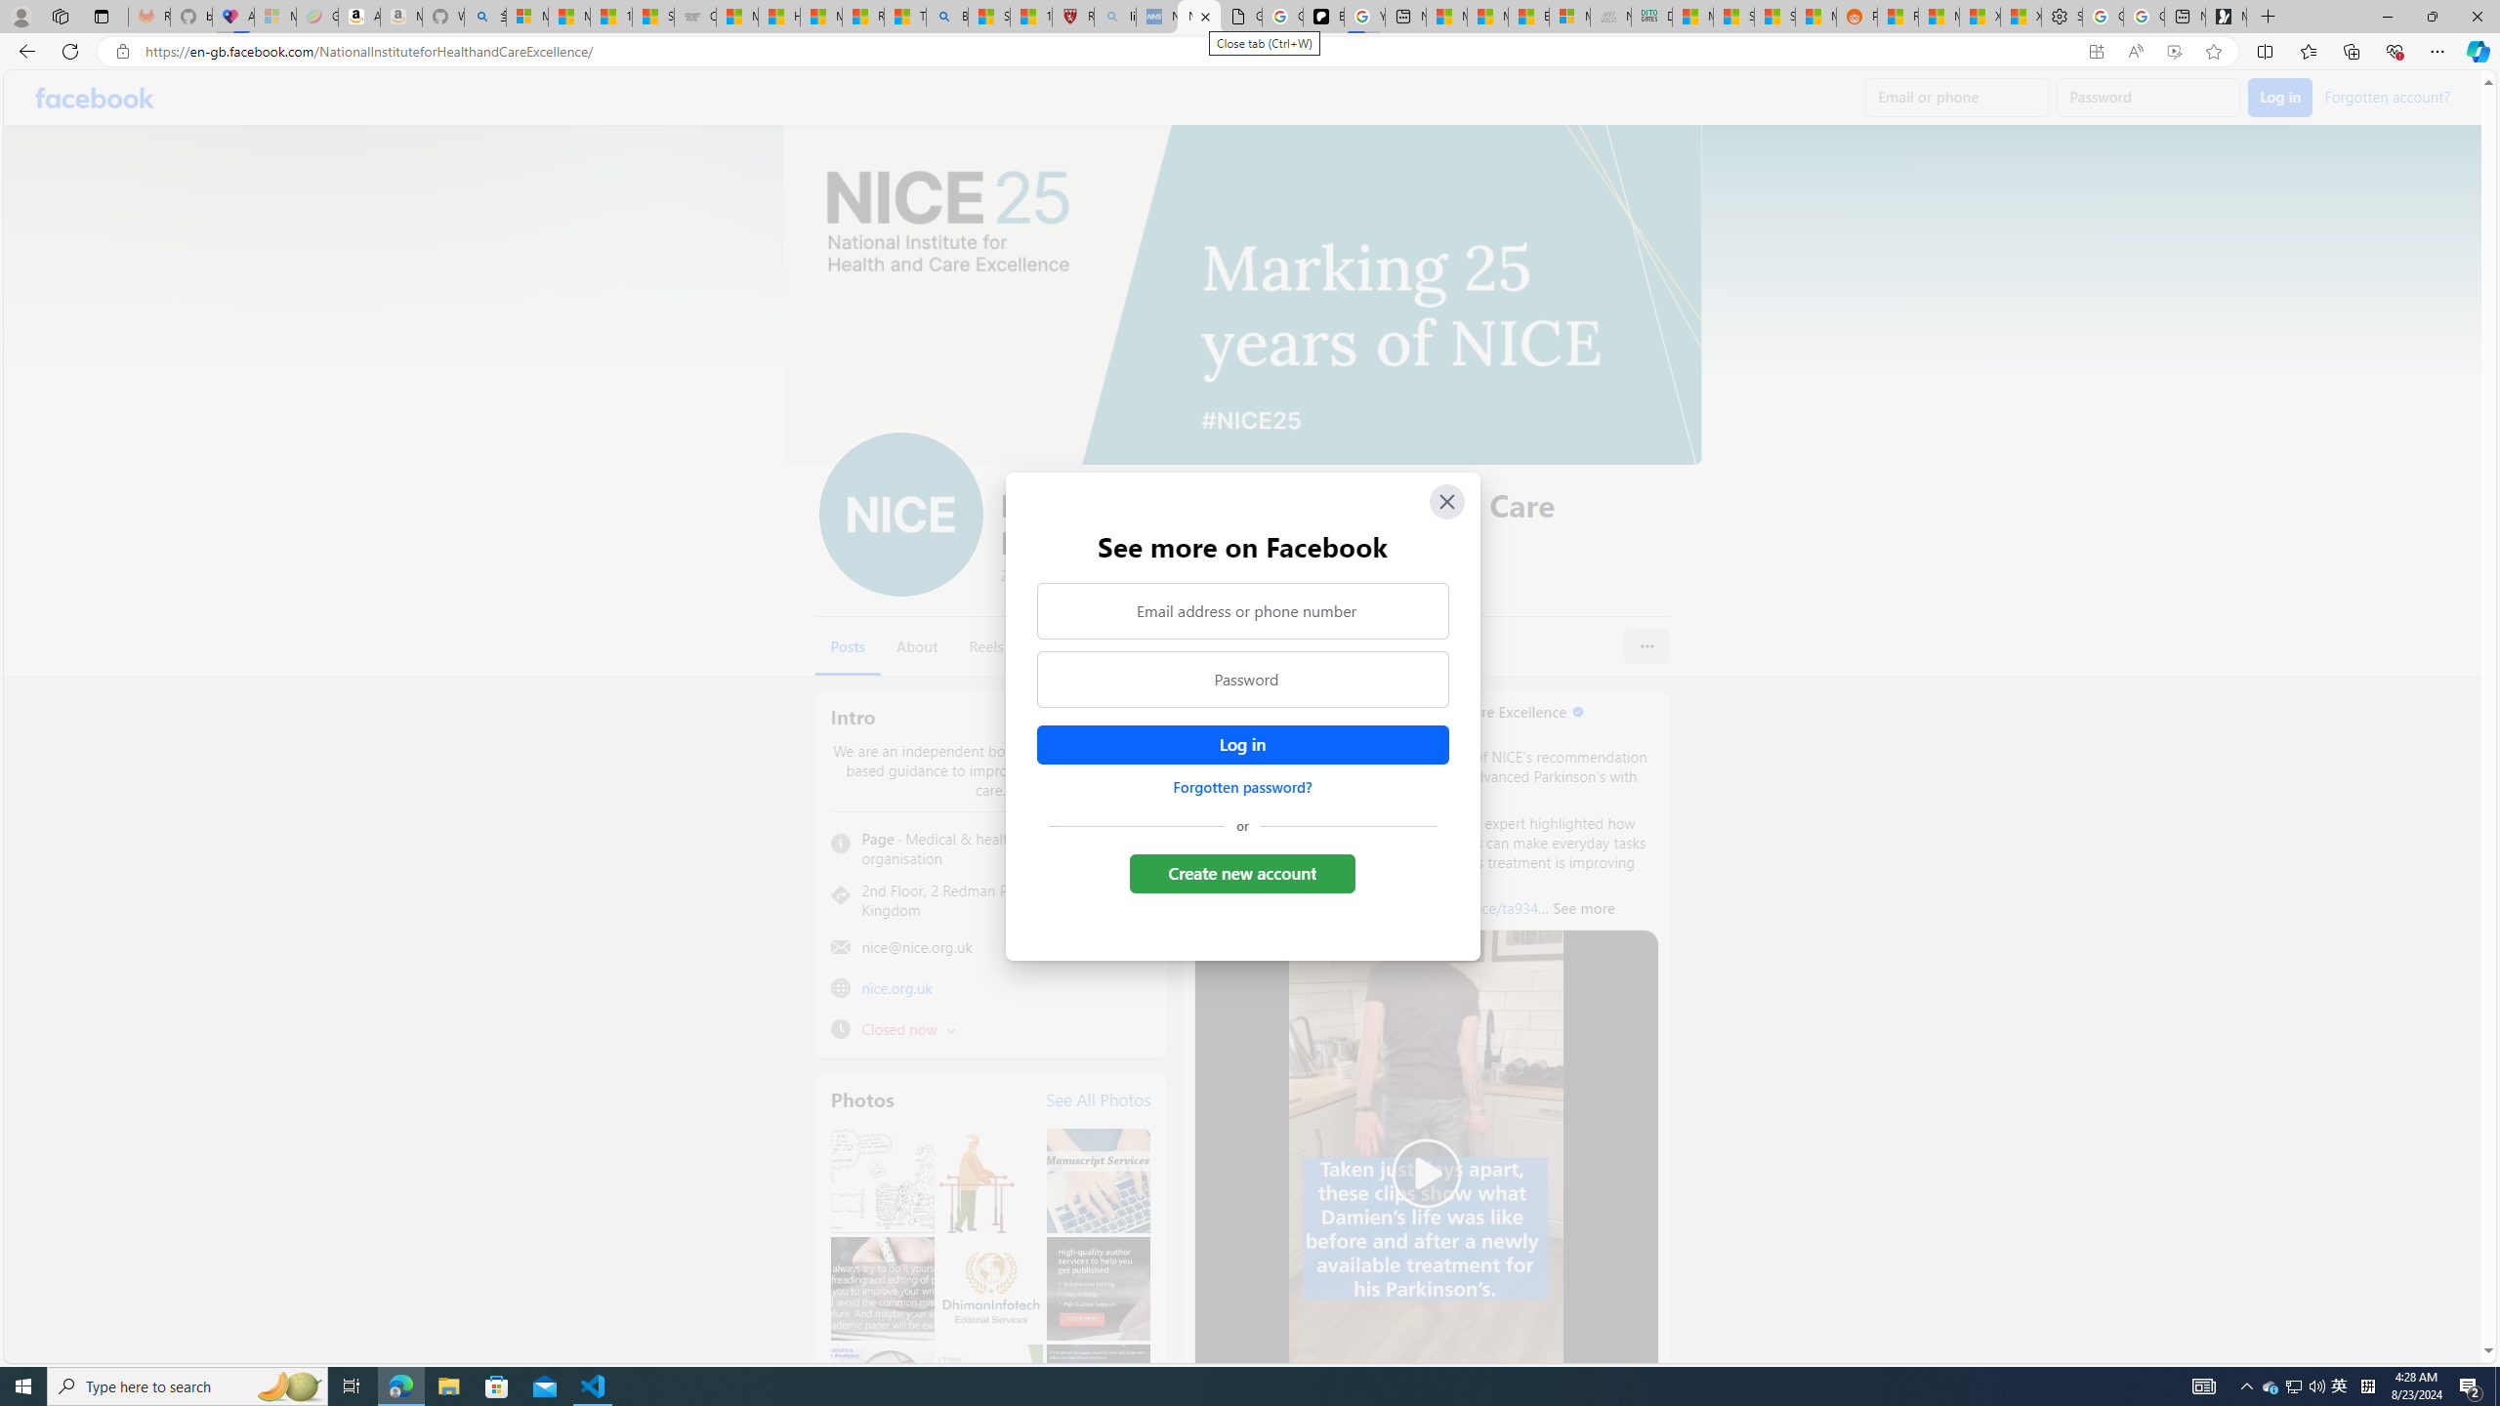 This screenshot has height=1406, width=2500. Describe the element at coordinates (2095, 52) in the screenshot. I see `'App available. Install Facebook'` at that location.